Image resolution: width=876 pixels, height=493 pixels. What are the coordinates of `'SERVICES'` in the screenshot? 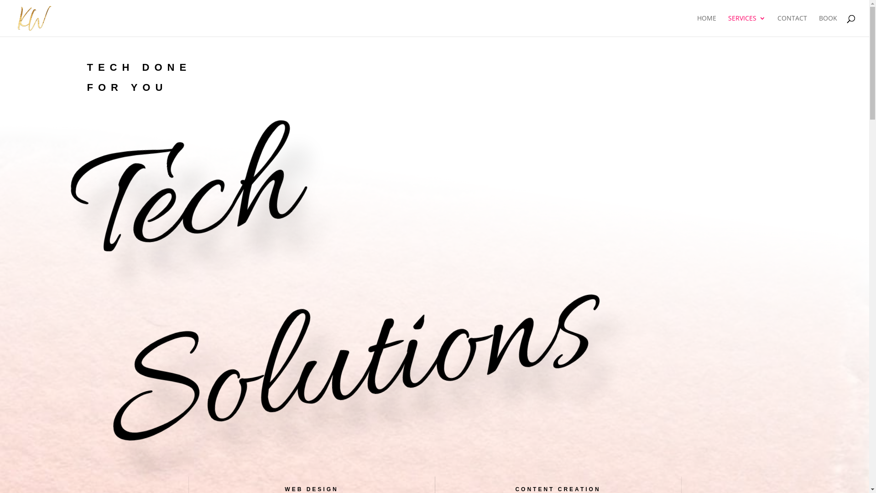 It's located at (746, 25).